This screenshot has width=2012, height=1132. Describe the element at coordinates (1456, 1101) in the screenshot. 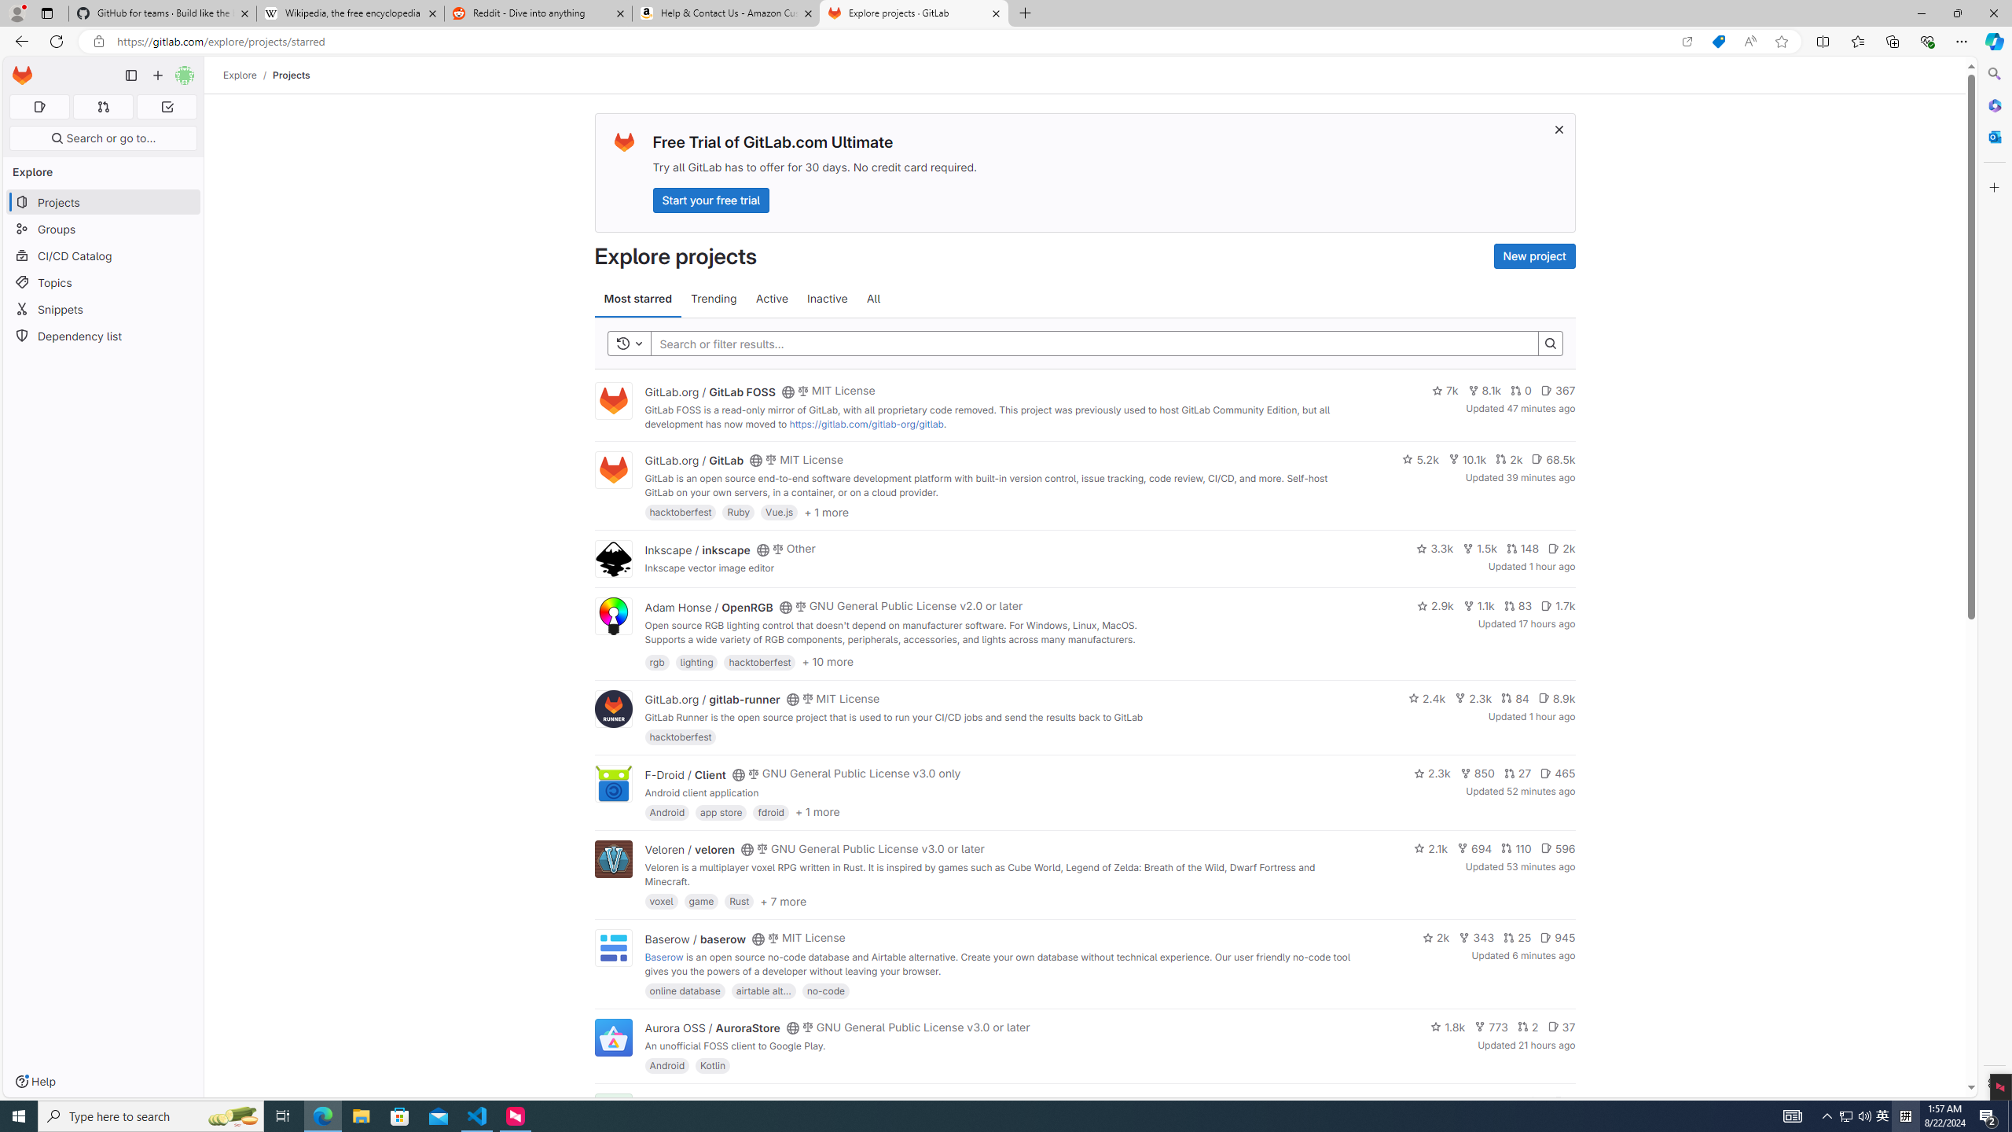

I see `'1.4k'` at that location.